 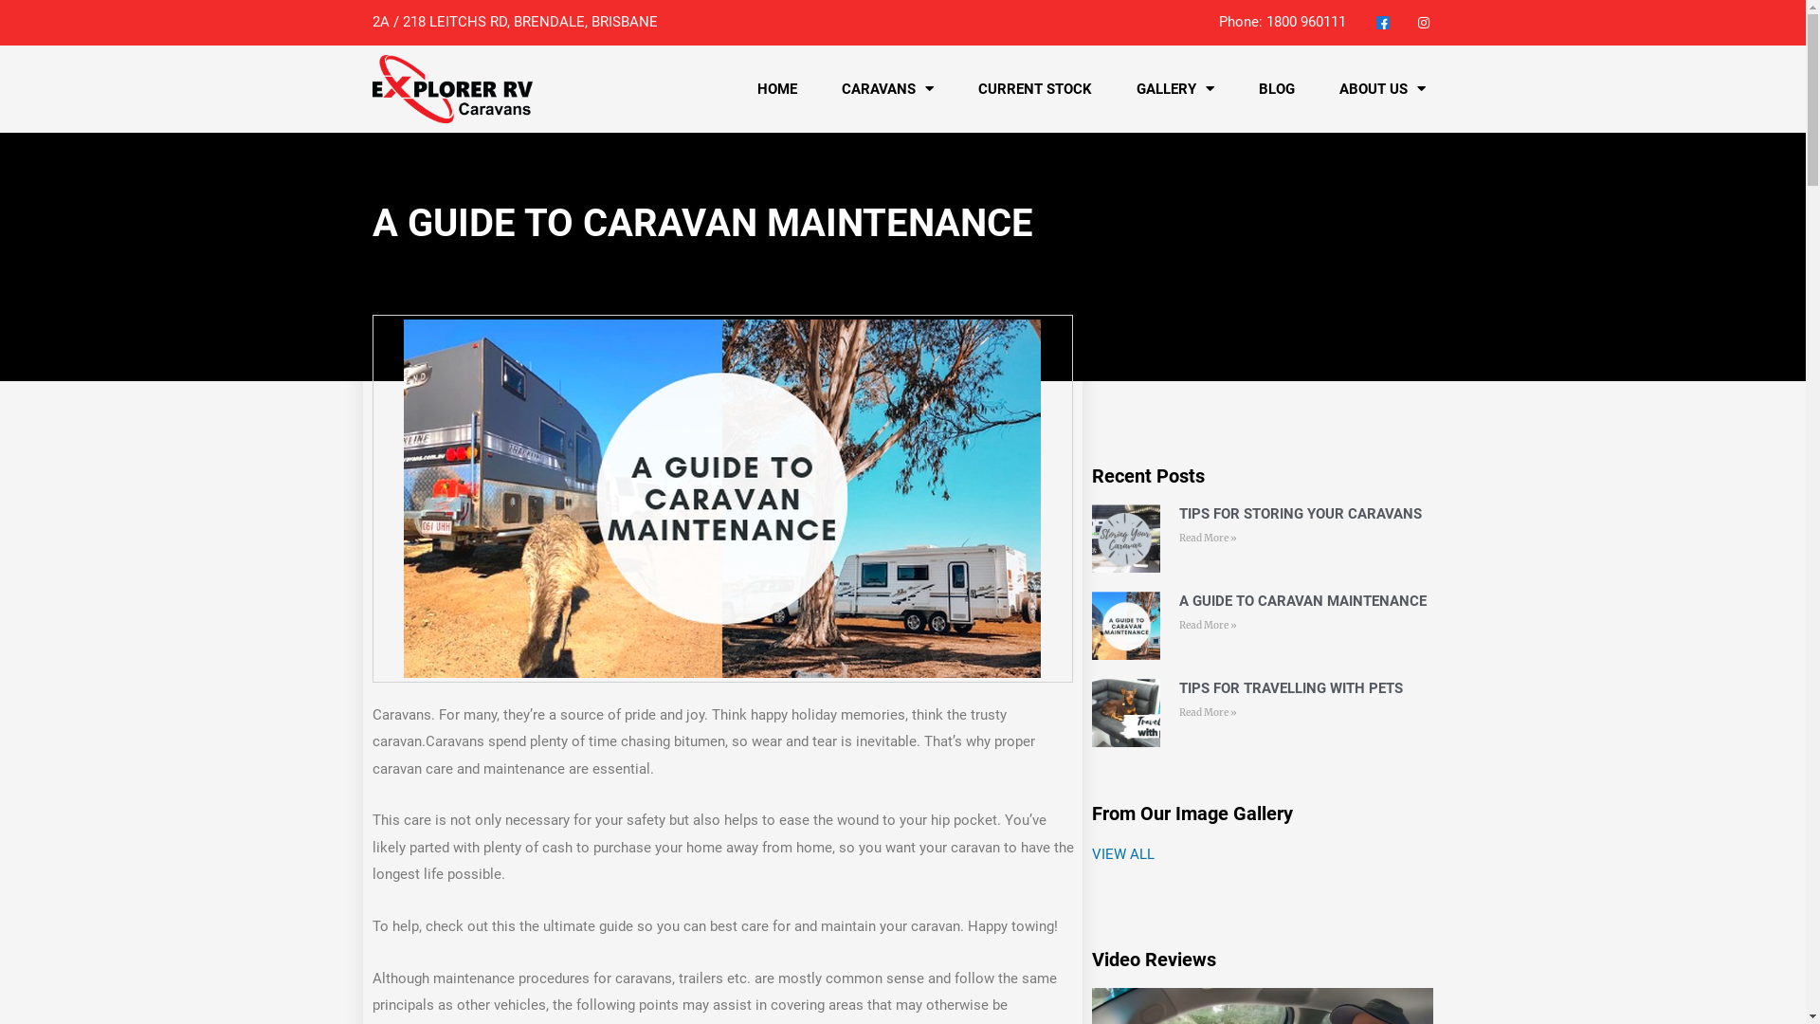 What do you see at coordinates (1277, 88) in the screenshot?
I see `'BLOG'` at bounding box center [1277, 88].